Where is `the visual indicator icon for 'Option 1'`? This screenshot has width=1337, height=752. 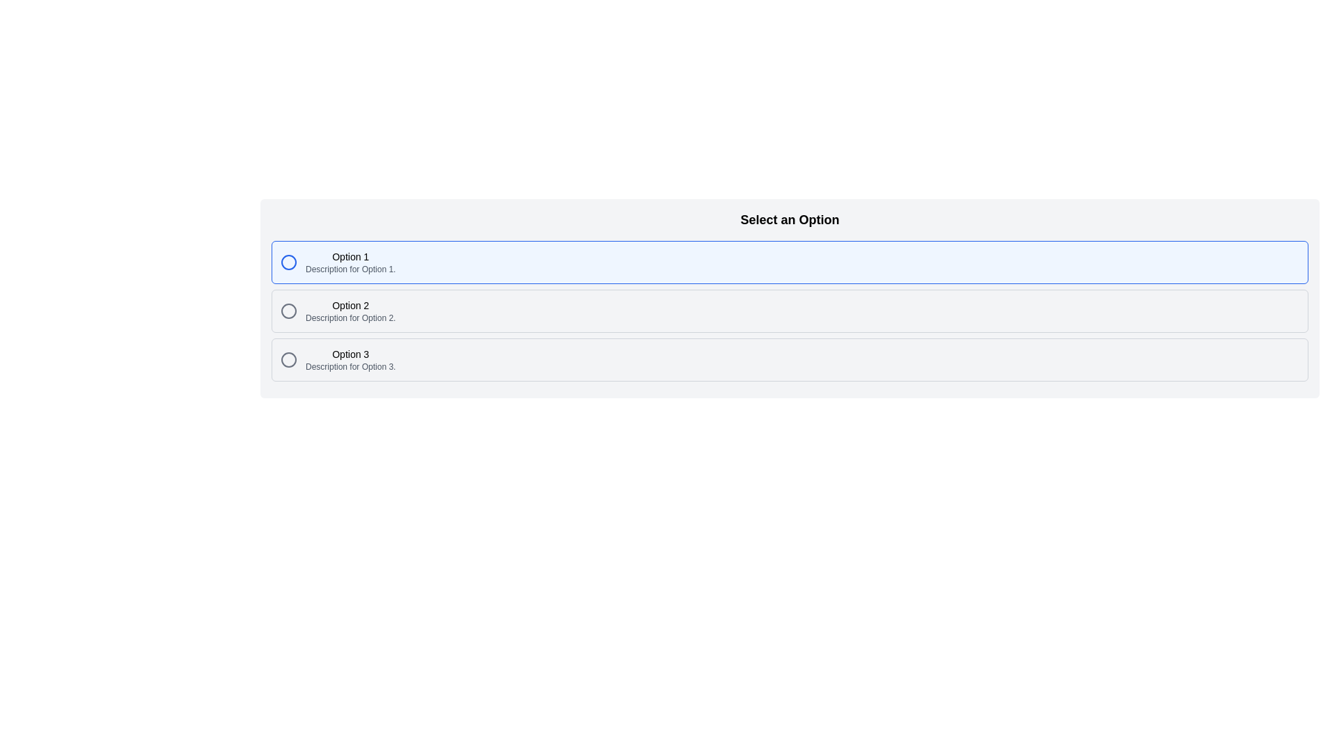 the visual indicator icon for 'Option 1' is located at coordinates (288, 263).